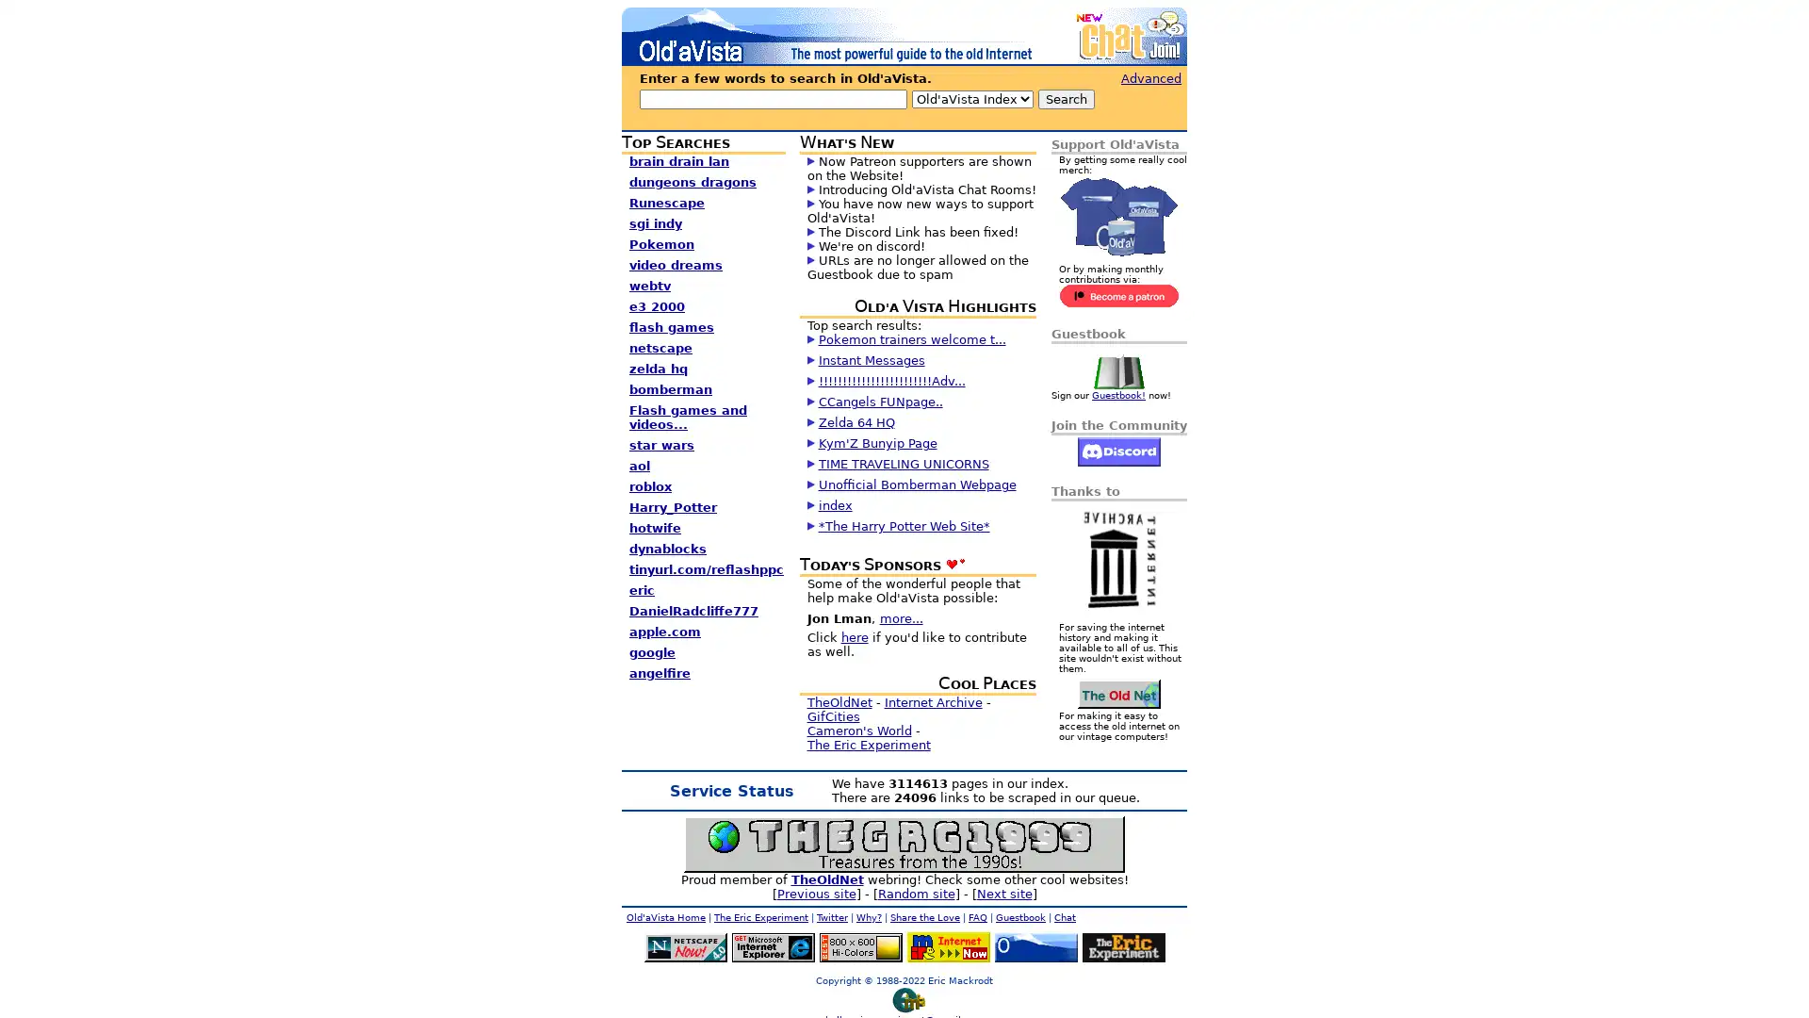 This screenshot has height=1018, width=1809. What do you see at coordinates (1067, 99) in the screenshot?
I see `Search` at bounding box center [1067, 99].